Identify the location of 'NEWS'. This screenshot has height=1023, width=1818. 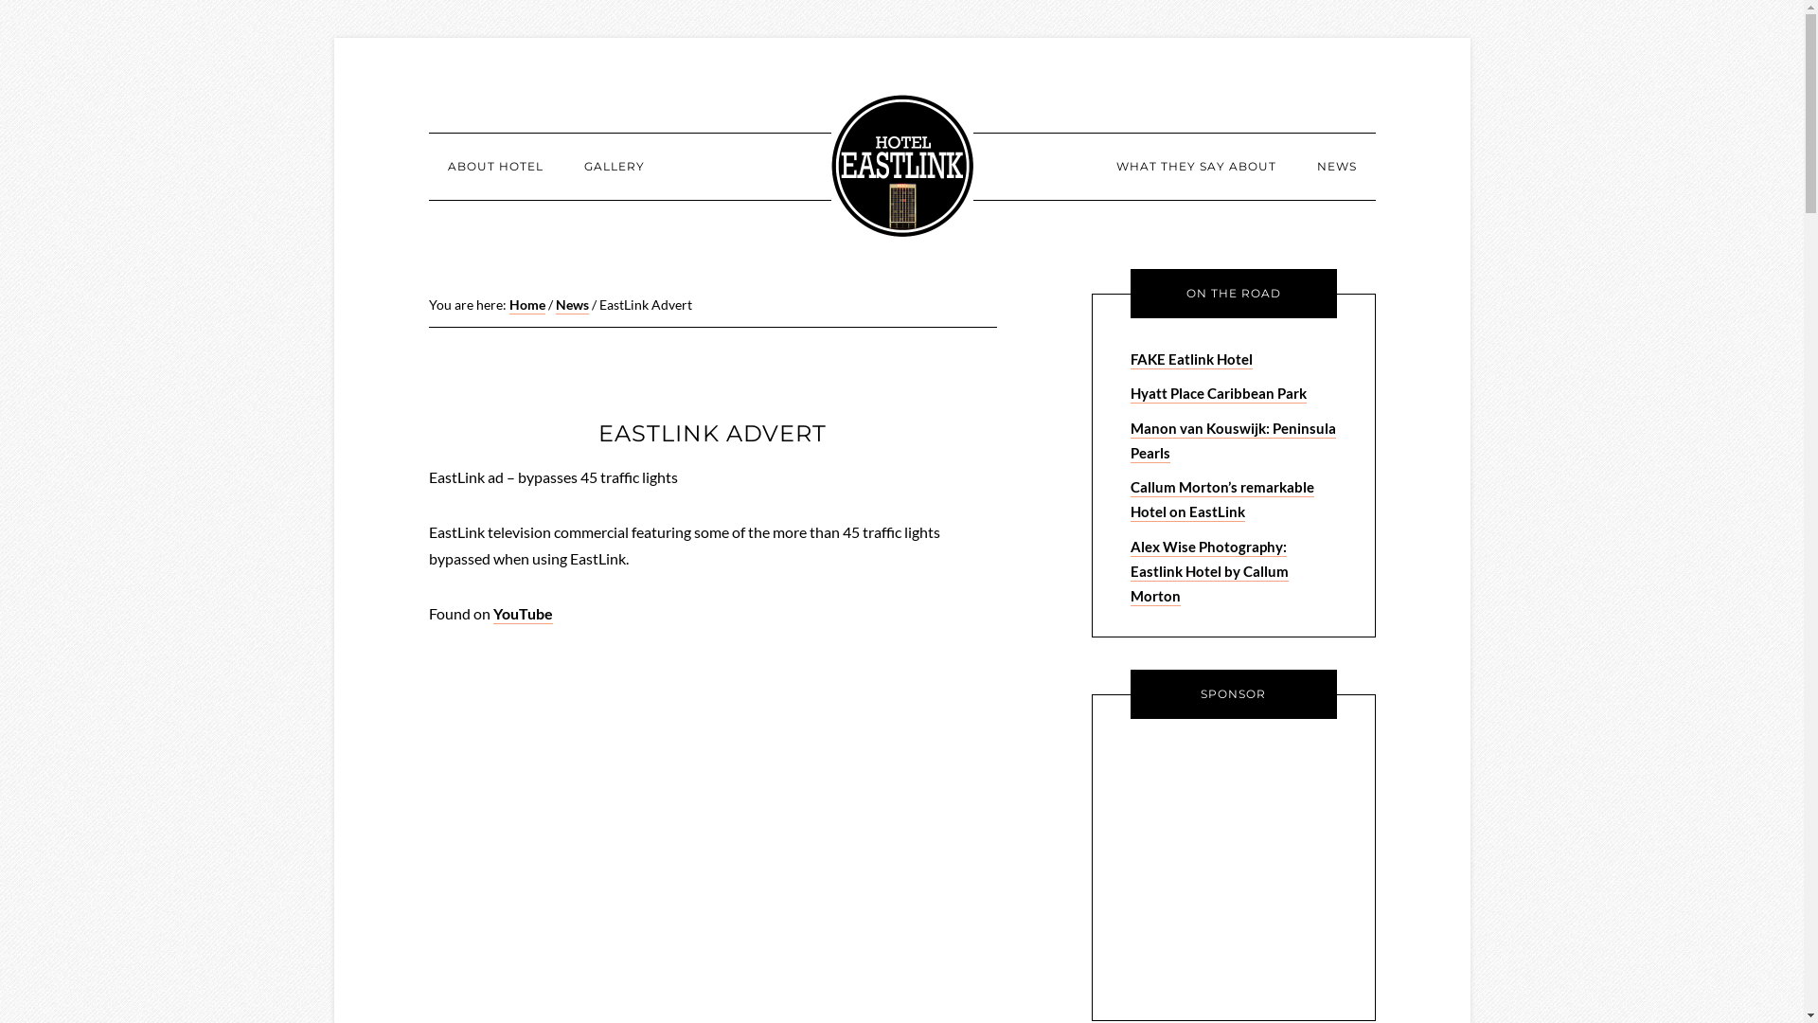
(1335, 166).